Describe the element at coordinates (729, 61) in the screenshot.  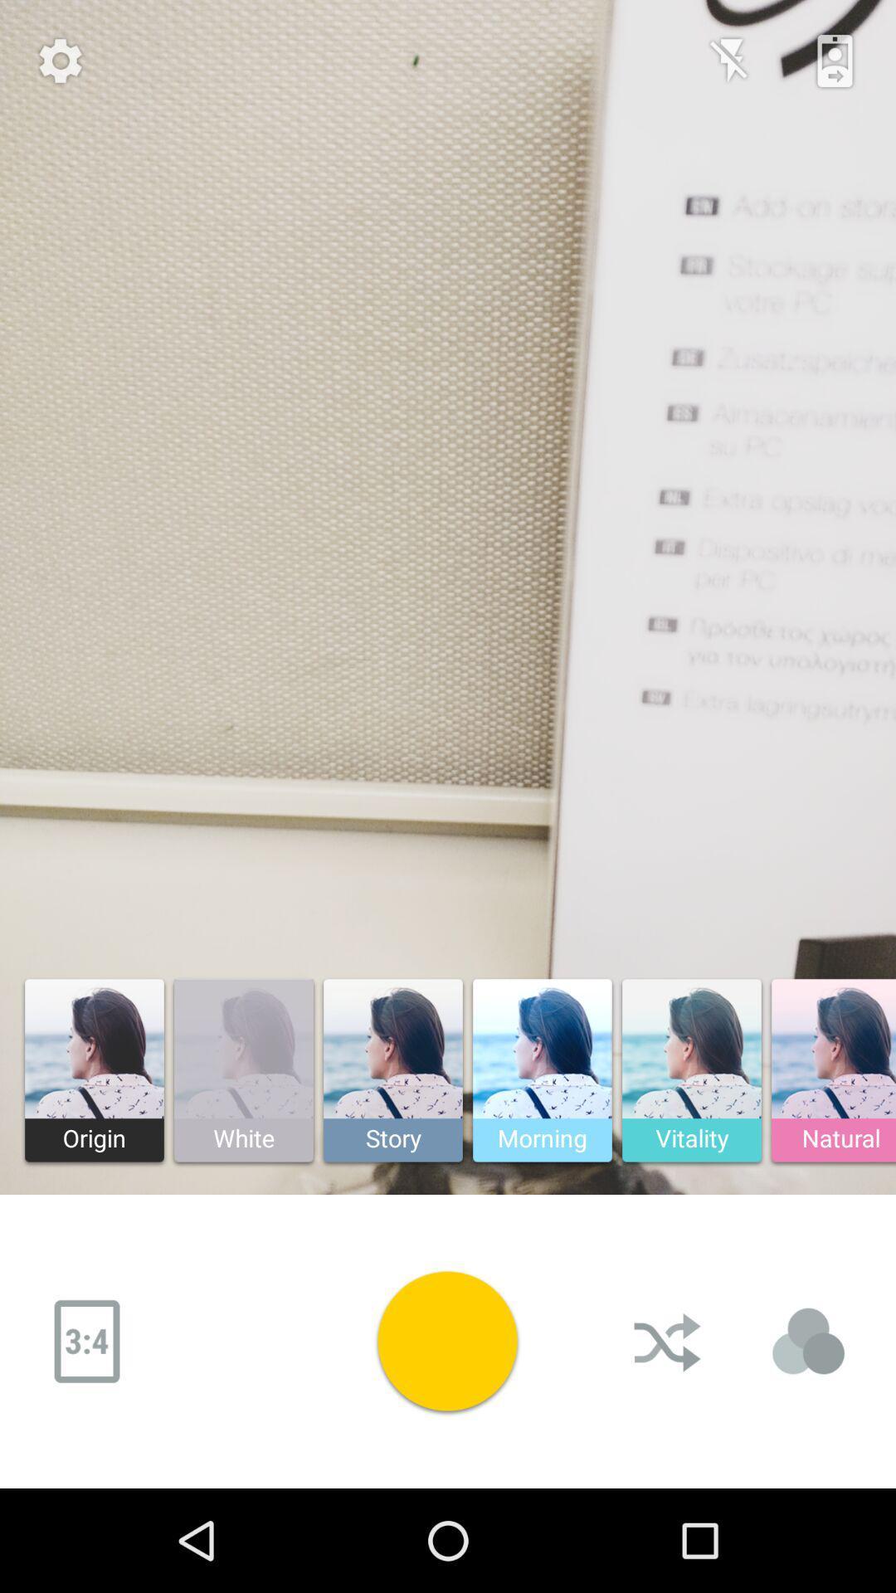
I see `the flash icon` at that location.